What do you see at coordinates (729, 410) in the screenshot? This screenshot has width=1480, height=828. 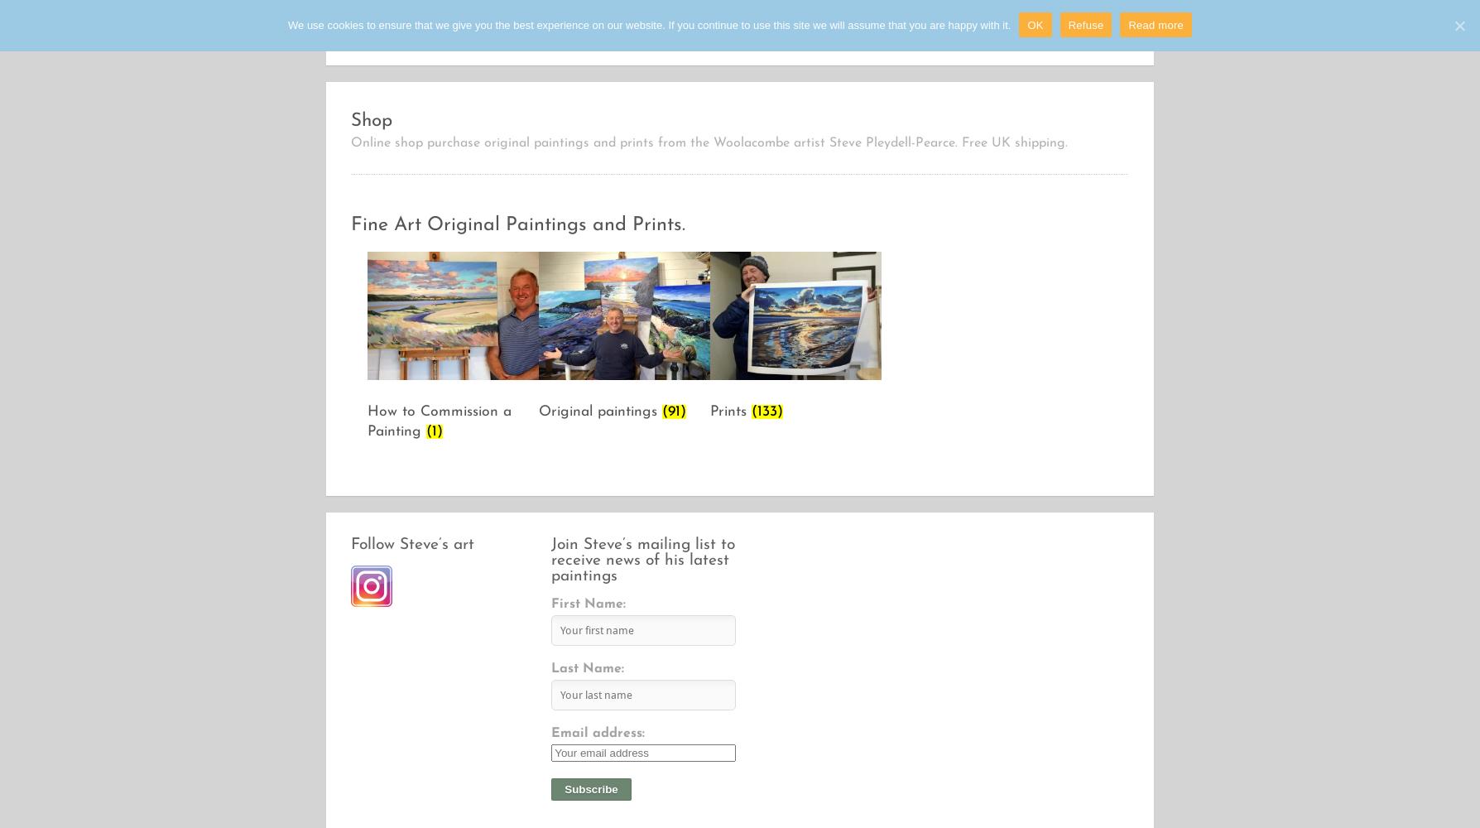 I see `'Prints'` at bounding box center [729, 410].